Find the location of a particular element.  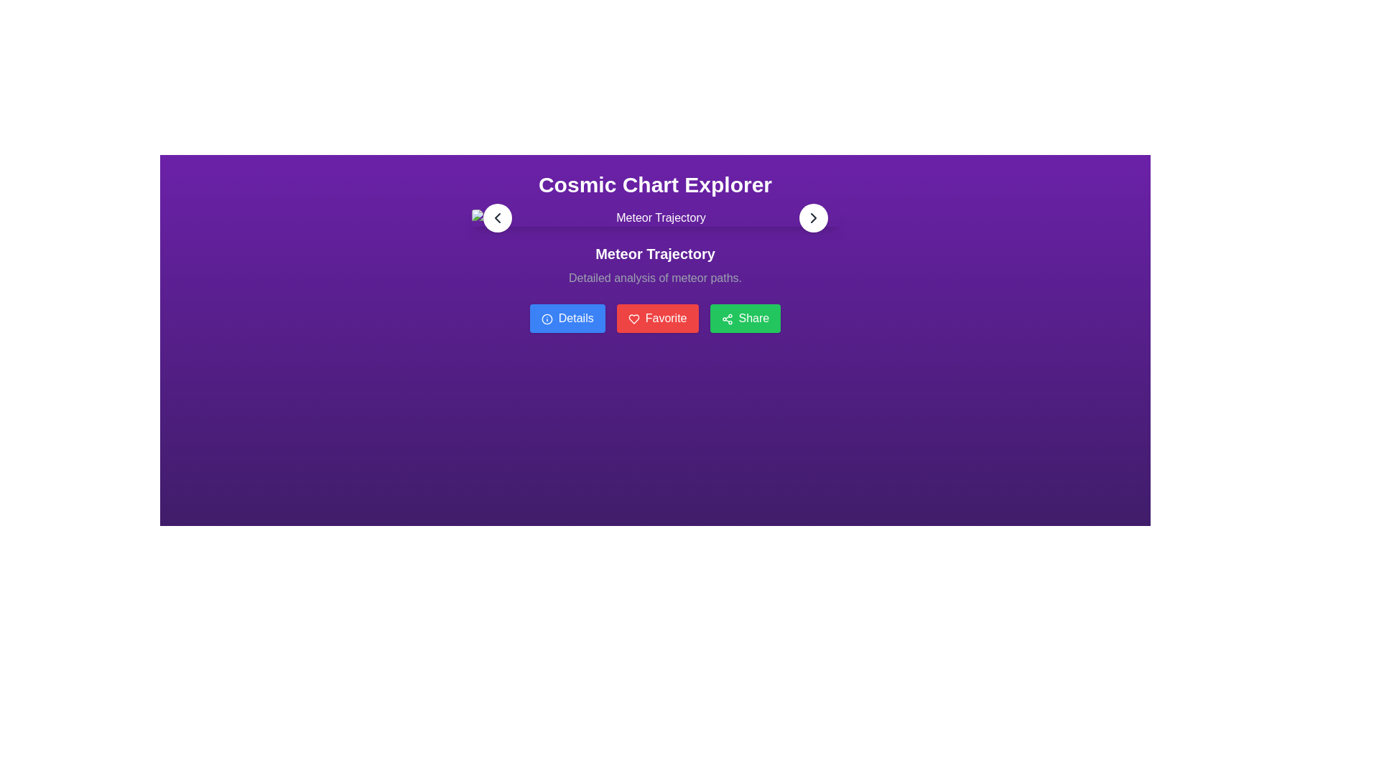

the heart-shaped icon with a line art design located within the red 'Favorite' button is located at coordinates (633, 318).